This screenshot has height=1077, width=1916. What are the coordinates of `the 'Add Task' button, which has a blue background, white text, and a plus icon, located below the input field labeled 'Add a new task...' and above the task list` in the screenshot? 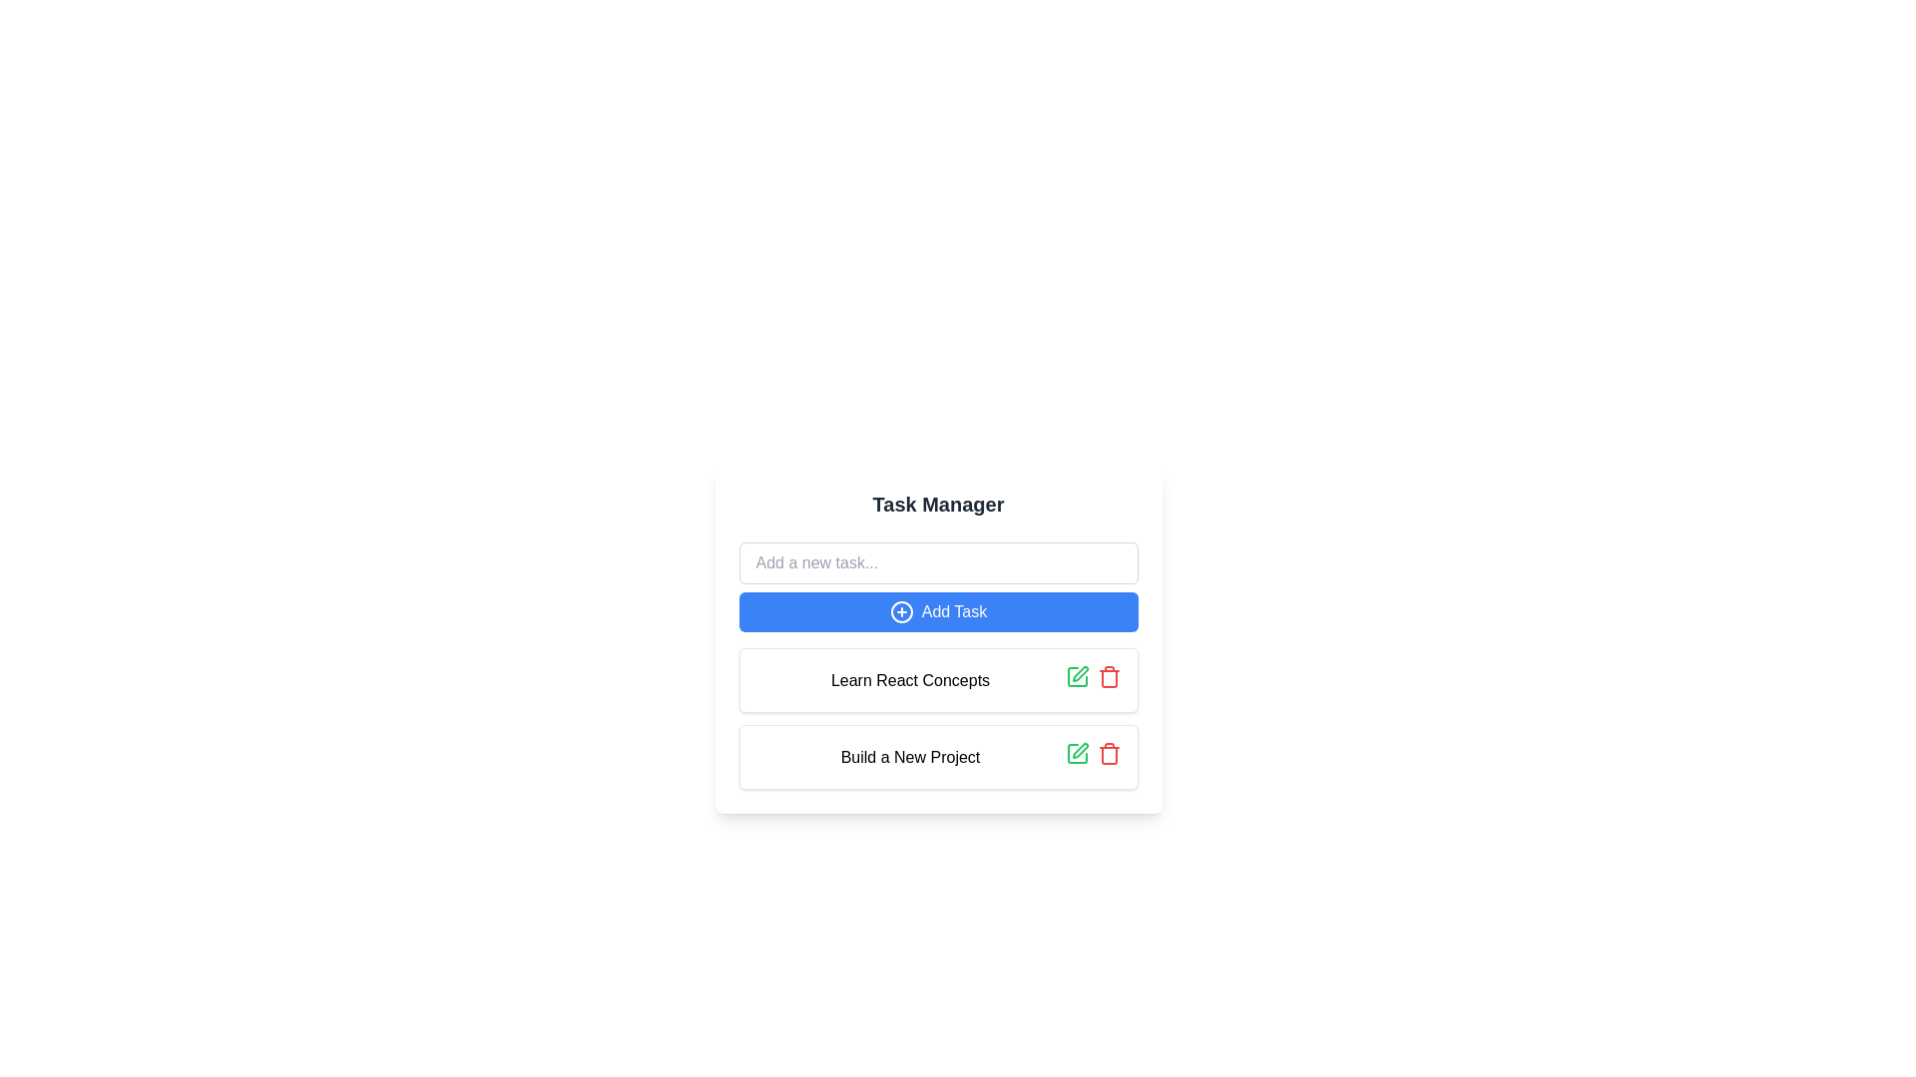 It's located at (937, 610).